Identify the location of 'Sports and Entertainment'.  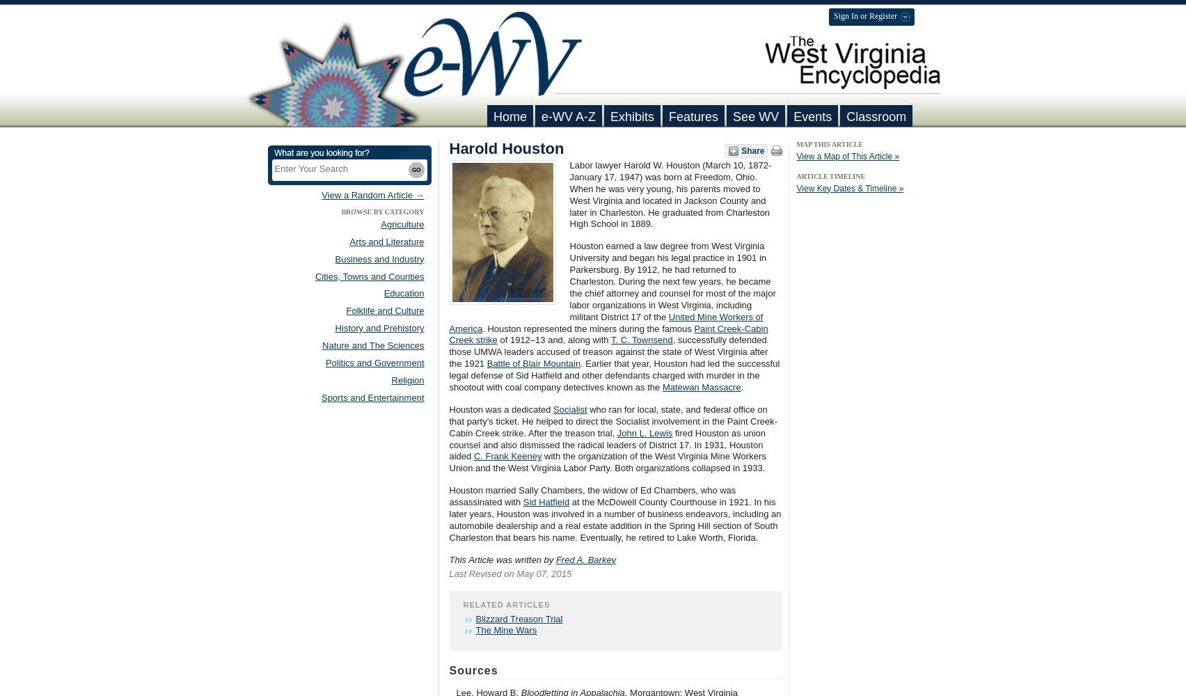
(372, 396).